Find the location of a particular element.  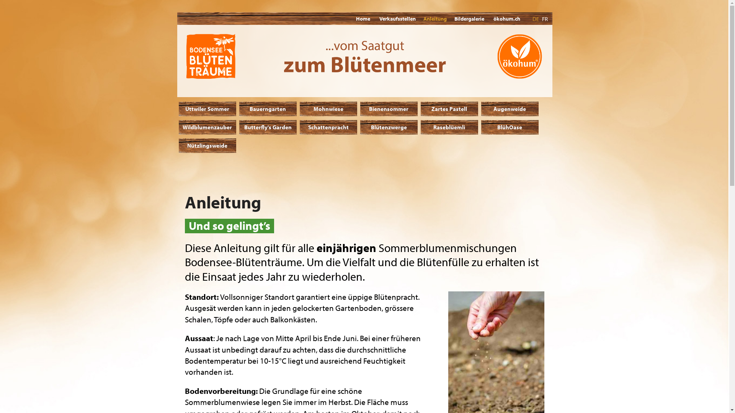

'Zartes Pastell' is located at coordinates (449, 109).